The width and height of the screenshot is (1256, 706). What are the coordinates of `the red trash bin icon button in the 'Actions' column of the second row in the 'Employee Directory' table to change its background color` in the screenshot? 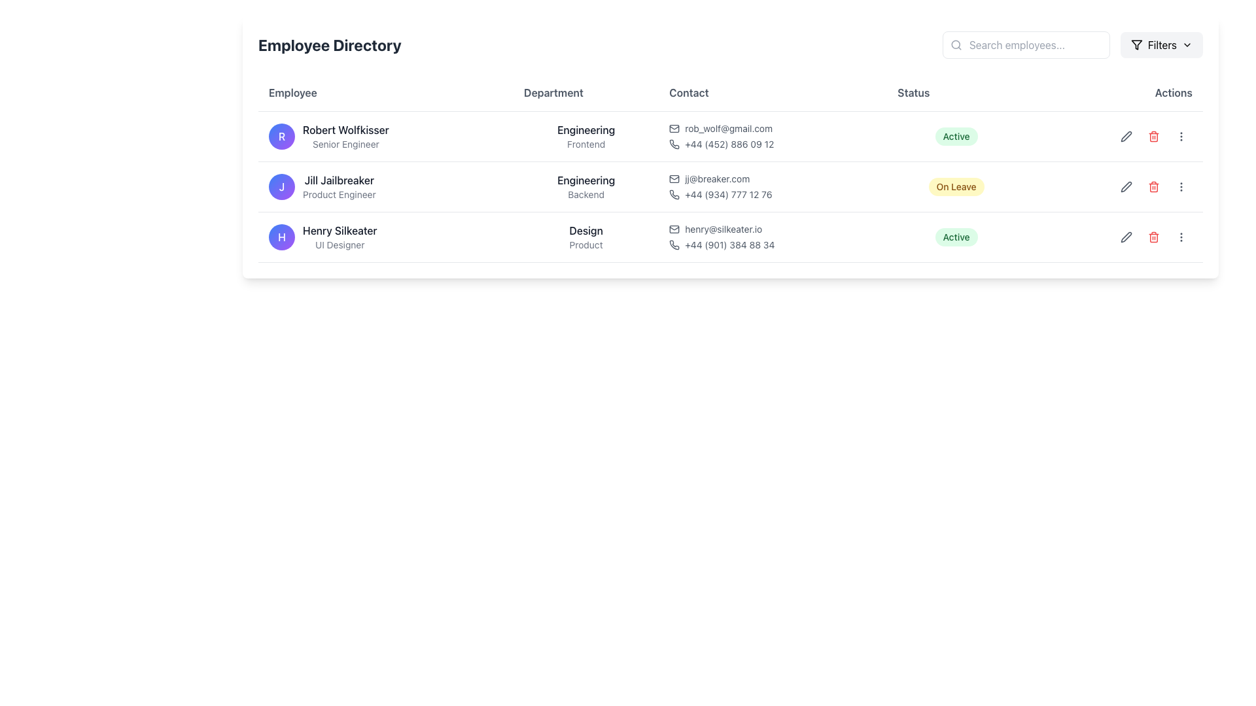 It's located at (1153, 136).